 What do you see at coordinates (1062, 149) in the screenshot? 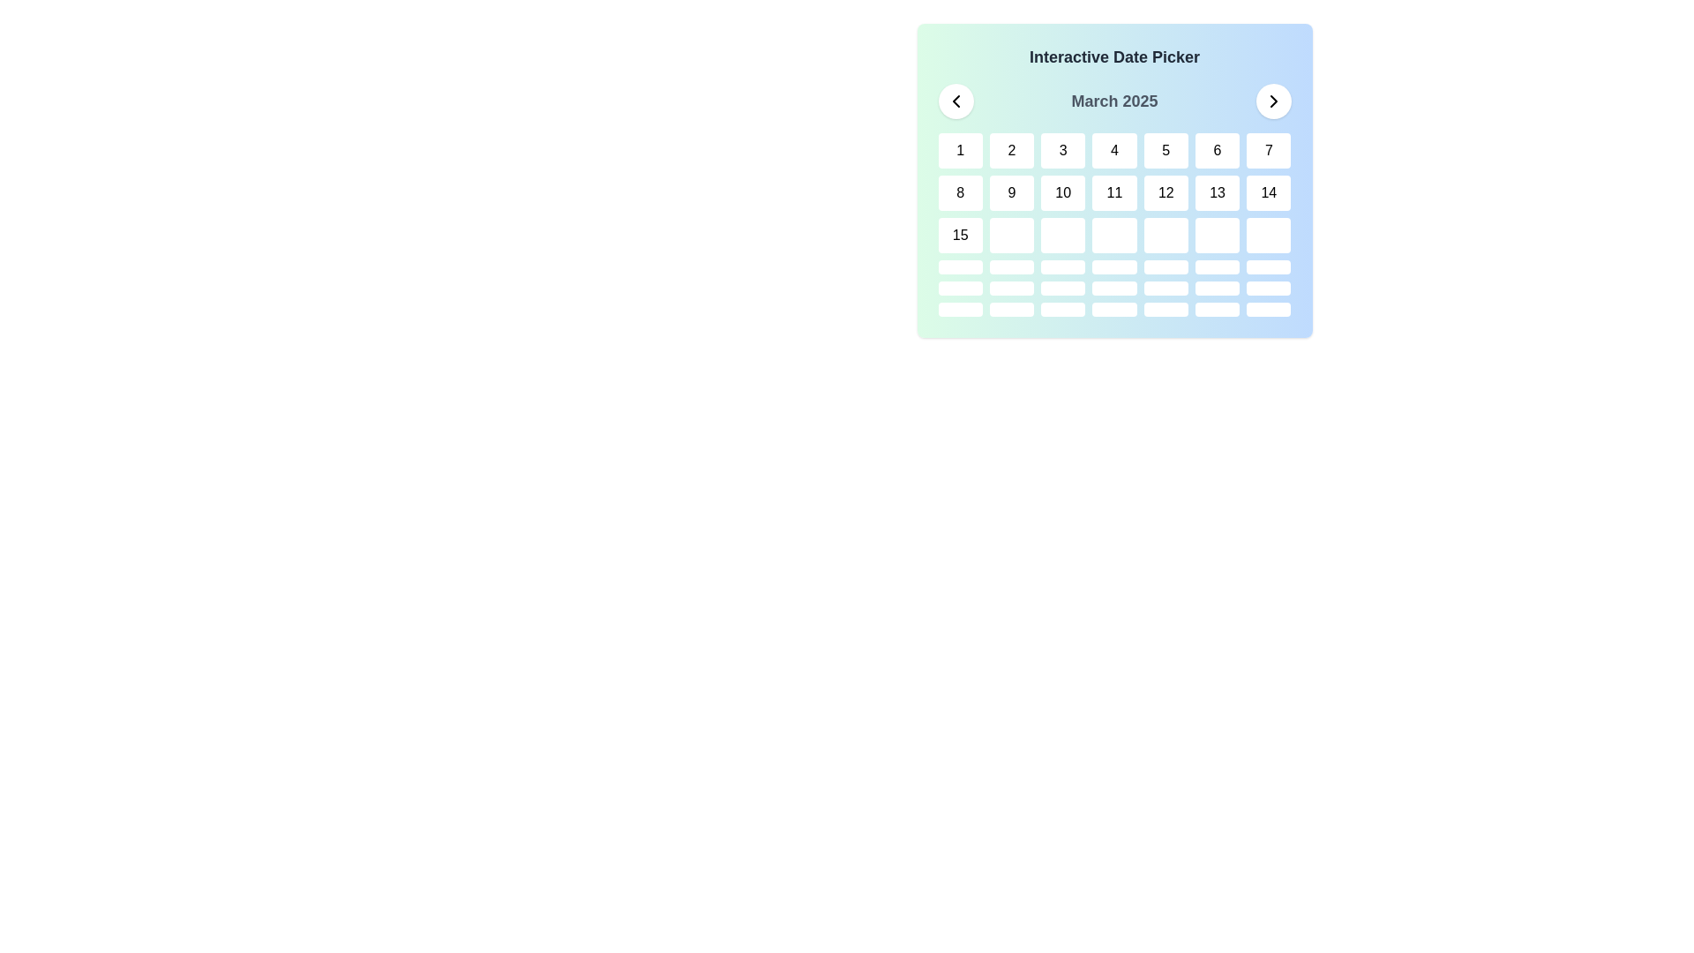
I see `the button that allows users to select the date numbered '3' in the calendar interface, located in the top row and third column under 'March 2025'` at bounding box center [1062, 149].